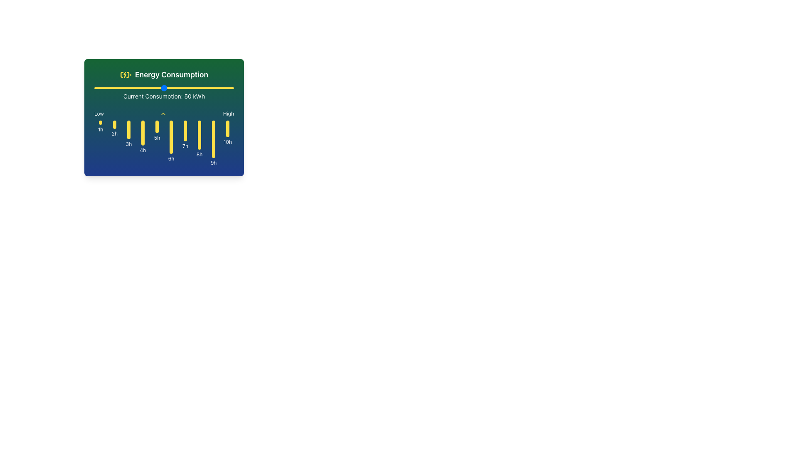 The width and height of the screenshot is (798, 449). I want to click on the range slider control to receive feedback or highlight it, which is located directly above the text displaying 'Current Consumption: 50 kWh', so click(164, 88).